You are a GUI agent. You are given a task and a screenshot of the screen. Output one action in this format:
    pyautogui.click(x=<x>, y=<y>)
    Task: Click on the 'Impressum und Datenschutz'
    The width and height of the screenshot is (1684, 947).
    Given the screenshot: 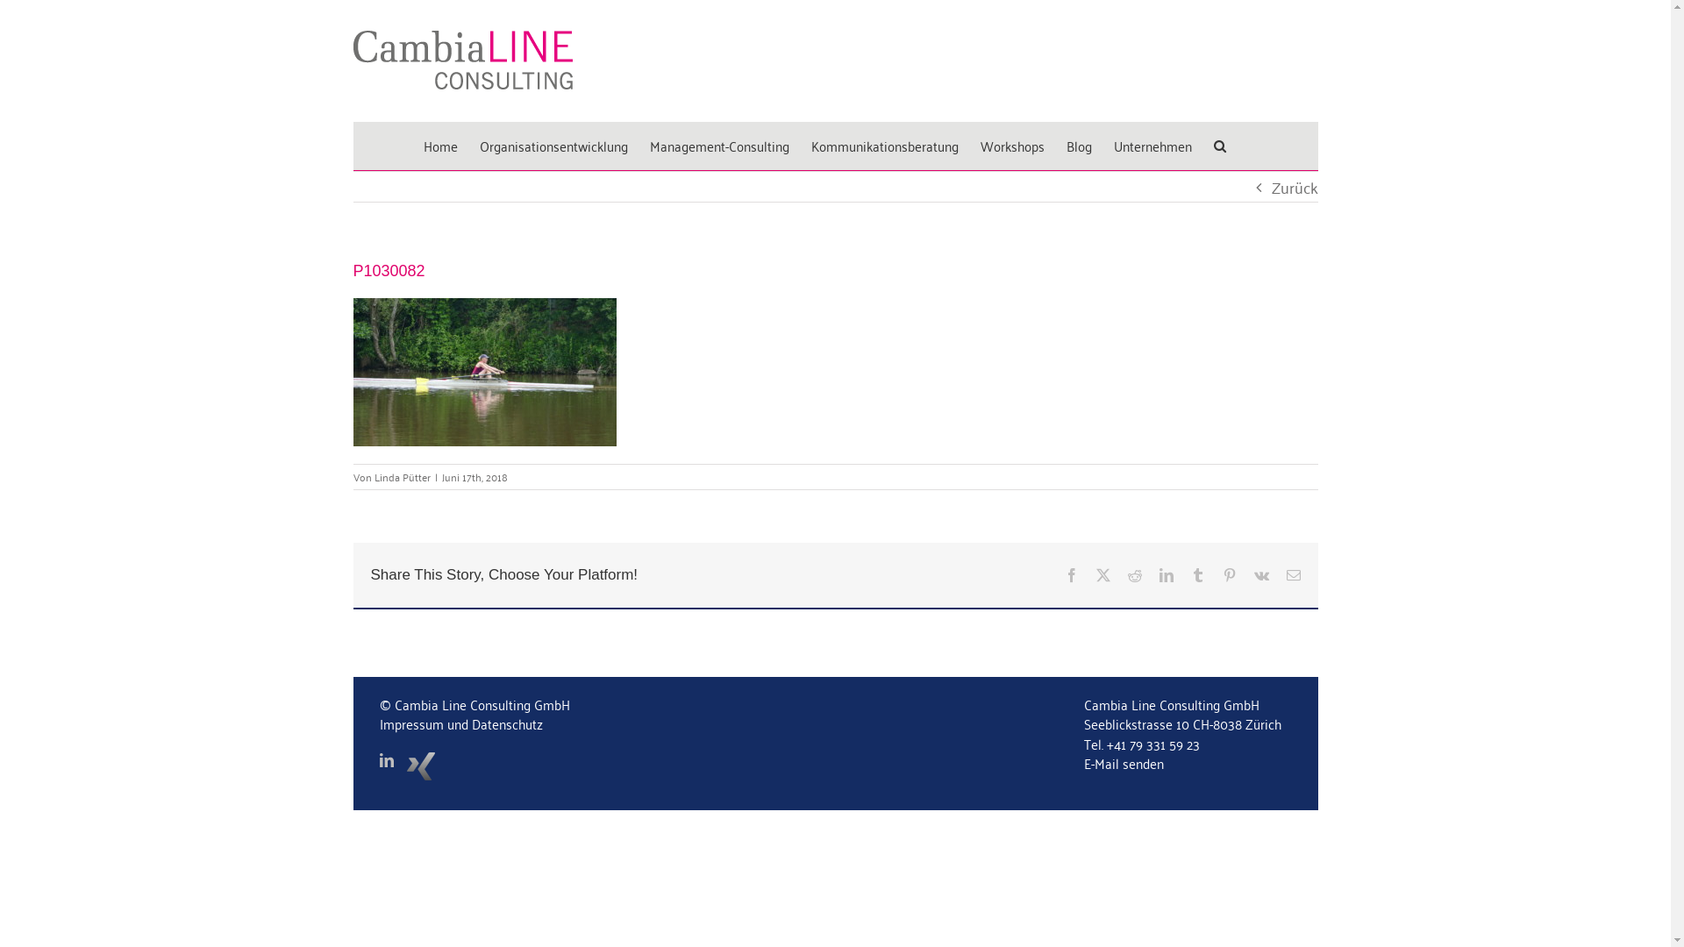 What is the action you would take?
    pyautogui.click(x=378, y=723)
    